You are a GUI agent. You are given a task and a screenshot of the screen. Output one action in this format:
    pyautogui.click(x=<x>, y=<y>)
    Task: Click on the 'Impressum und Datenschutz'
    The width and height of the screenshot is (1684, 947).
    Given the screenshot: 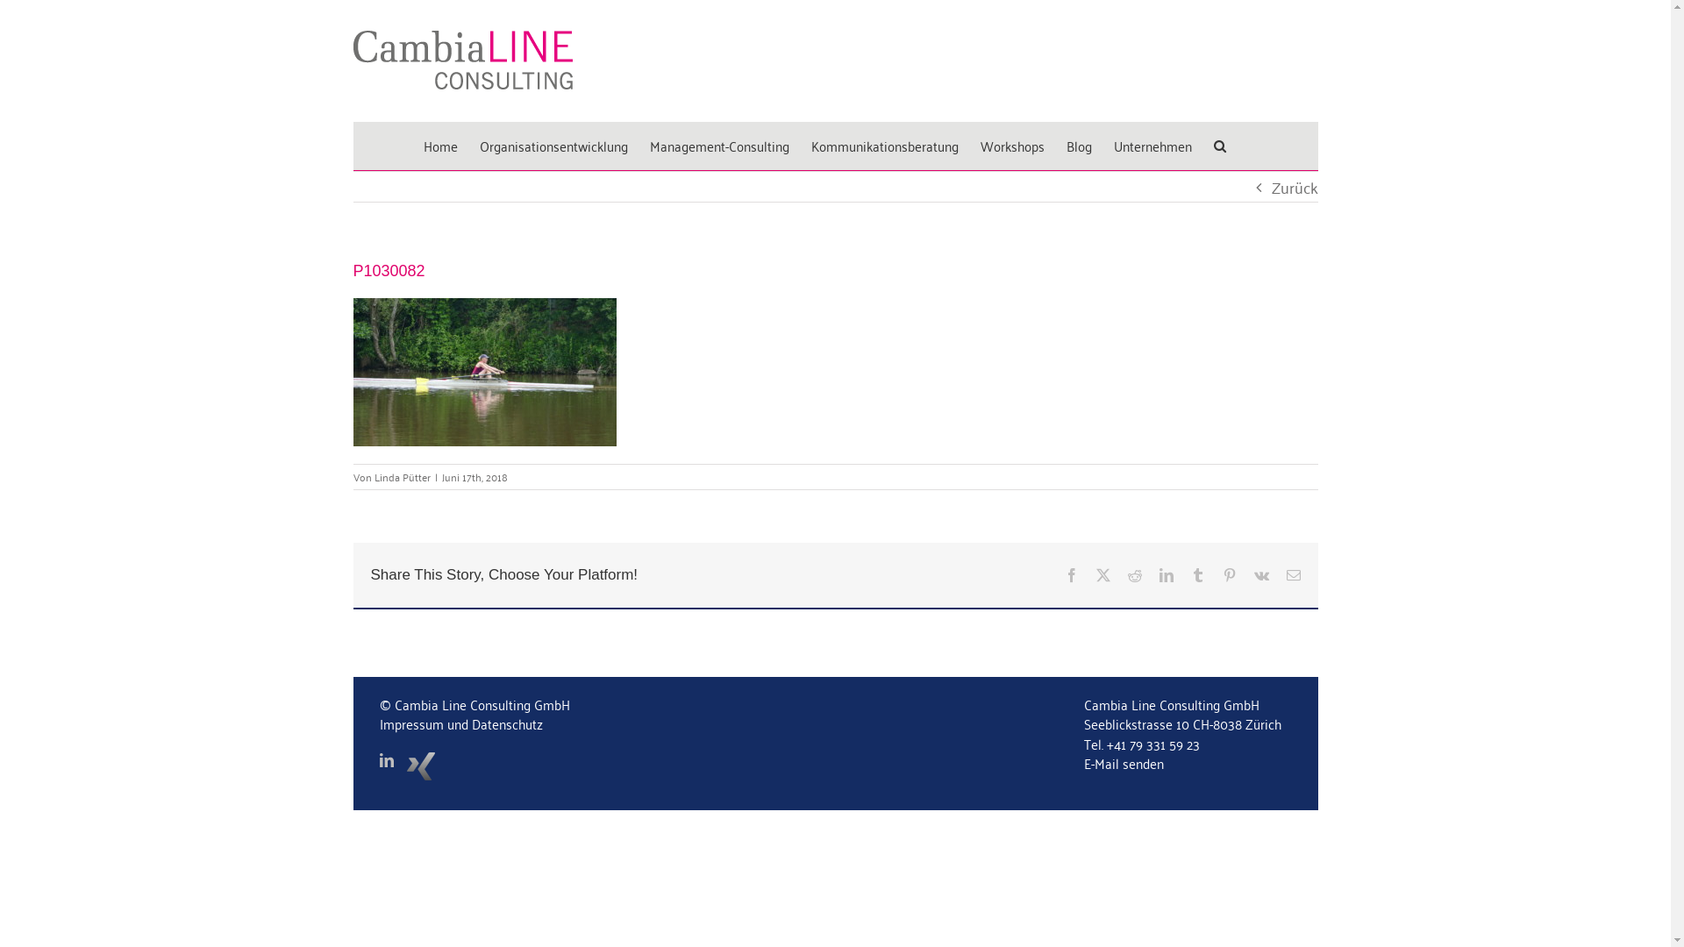 What is the action you would take?
    pyautogui.click(x=378, y=723)
    